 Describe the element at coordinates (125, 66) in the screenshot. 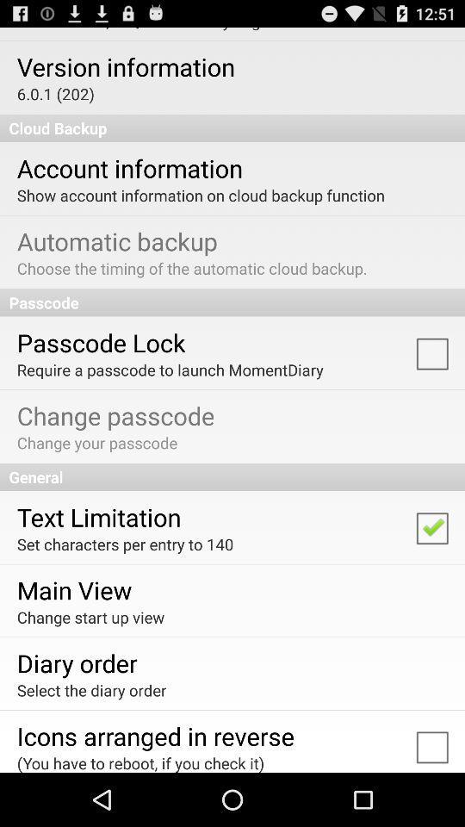

I see `app above the 6 0 1 item` at that location.